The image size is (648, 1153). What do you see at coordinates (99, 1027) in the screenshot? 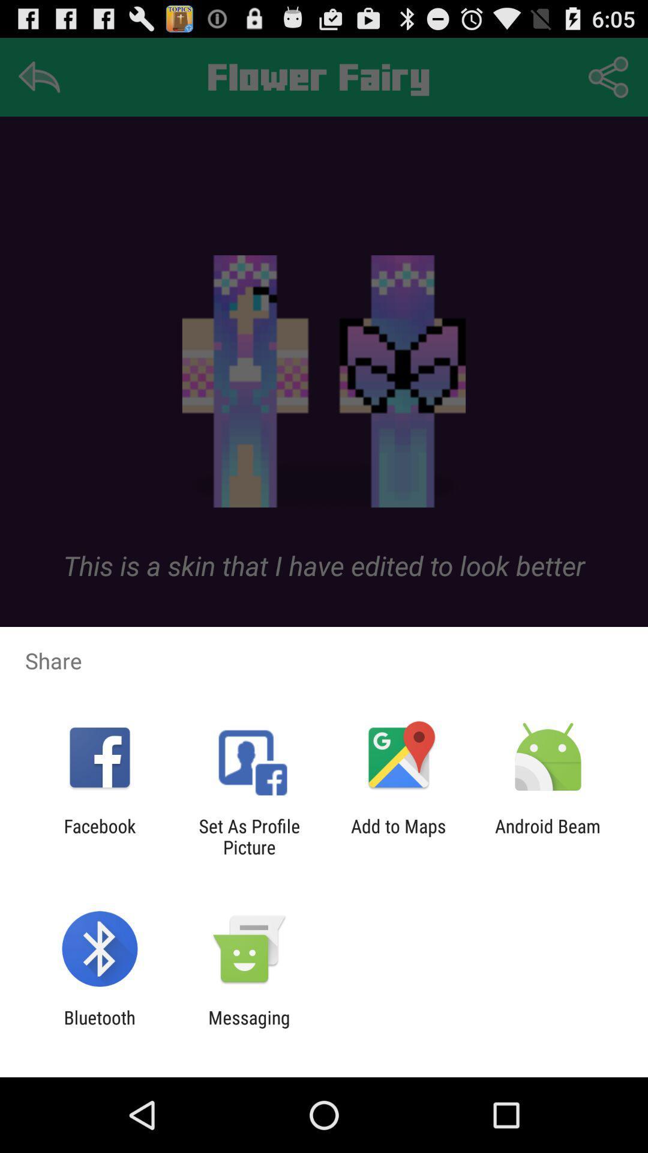
I see `item to the left of messaging item` at bounding box center [99, 1027].